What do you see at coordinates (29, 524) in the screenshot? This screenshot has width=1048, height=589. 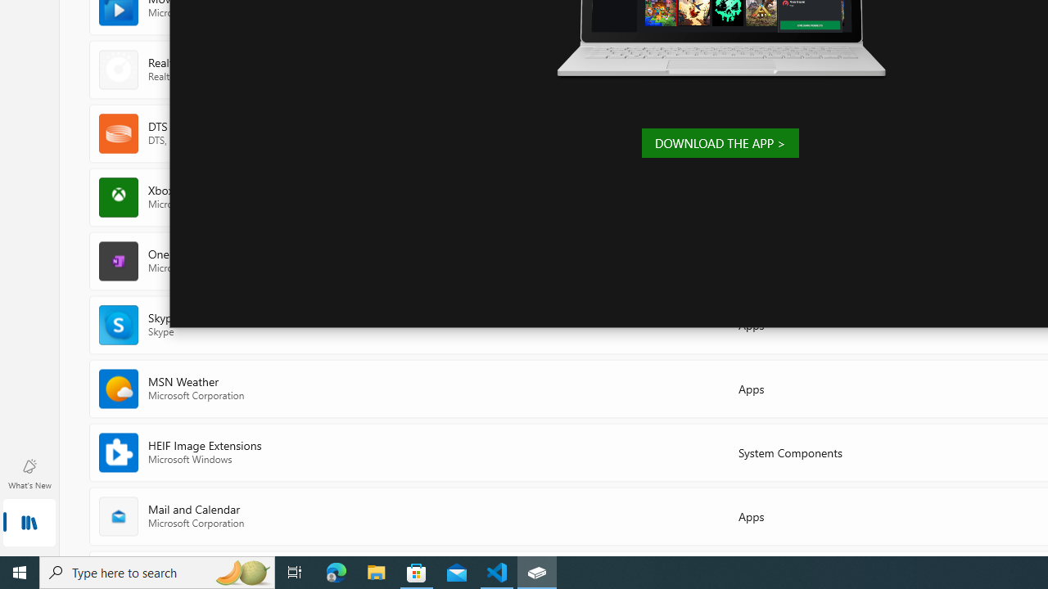 I see `'Library'` at bounding box center [29, 524].